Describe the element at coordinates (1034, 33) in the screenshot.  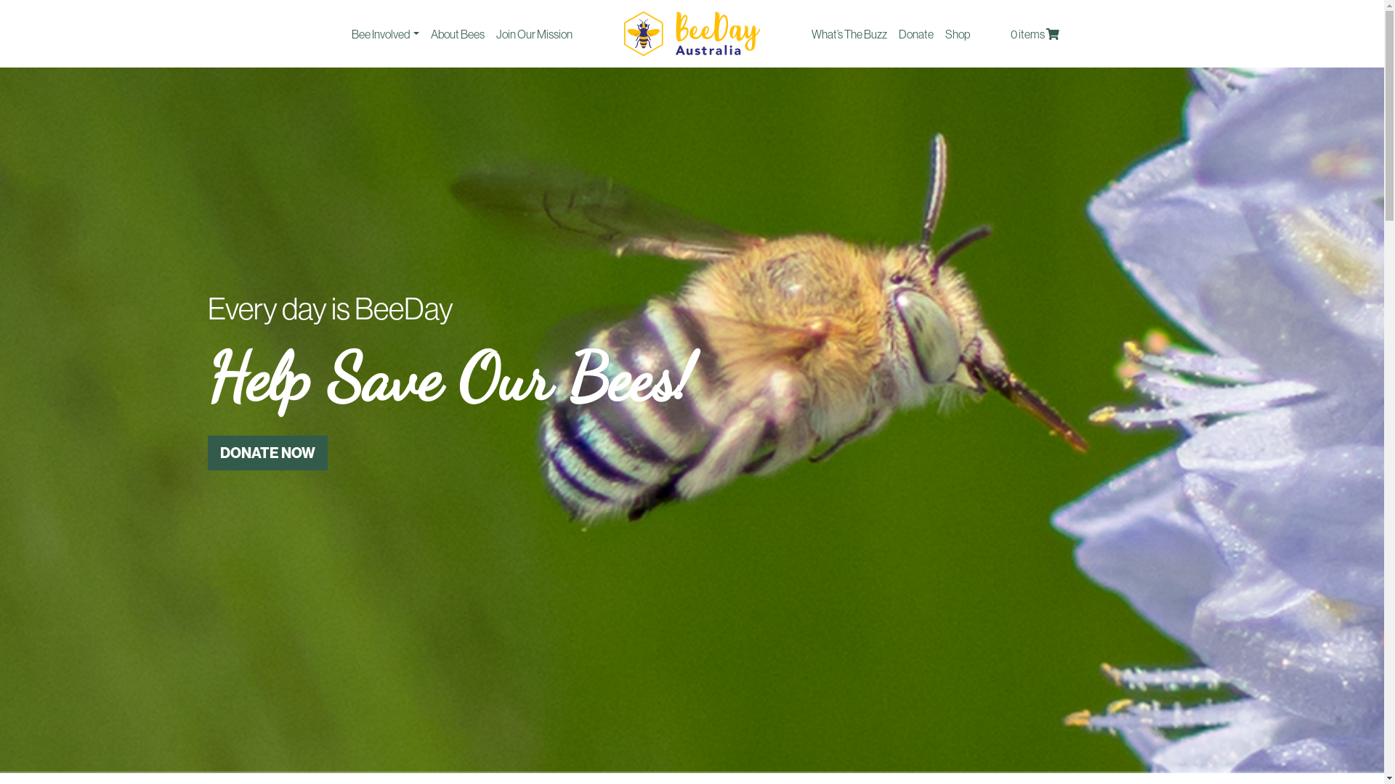
I see `'0 items'` at that location.